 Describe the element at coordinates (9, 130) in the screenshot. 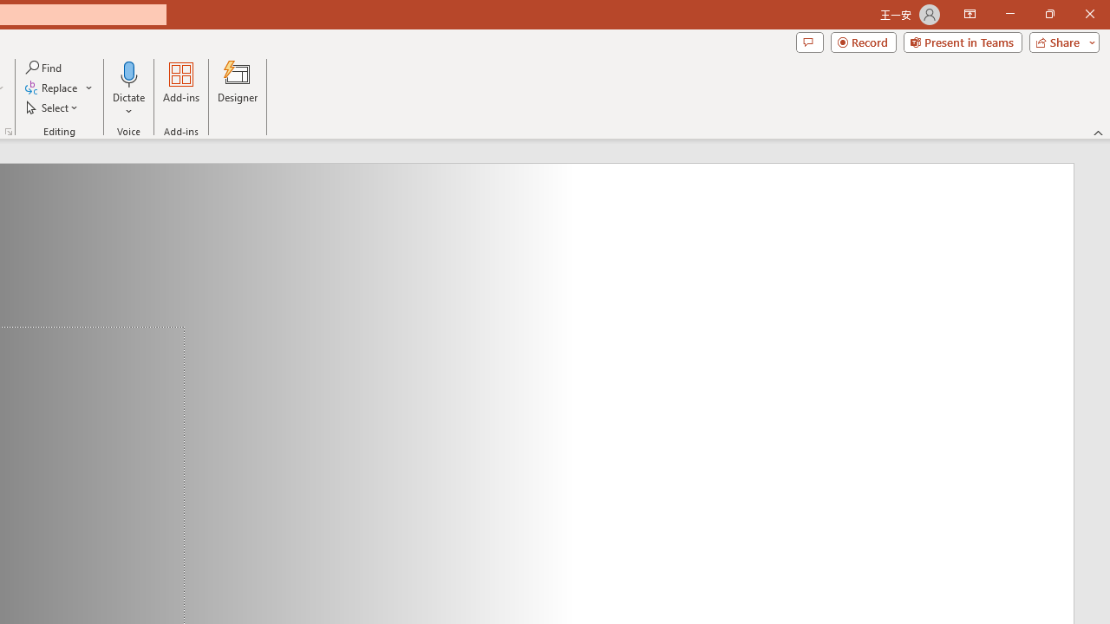

I see `'Format Object...'` at that location.